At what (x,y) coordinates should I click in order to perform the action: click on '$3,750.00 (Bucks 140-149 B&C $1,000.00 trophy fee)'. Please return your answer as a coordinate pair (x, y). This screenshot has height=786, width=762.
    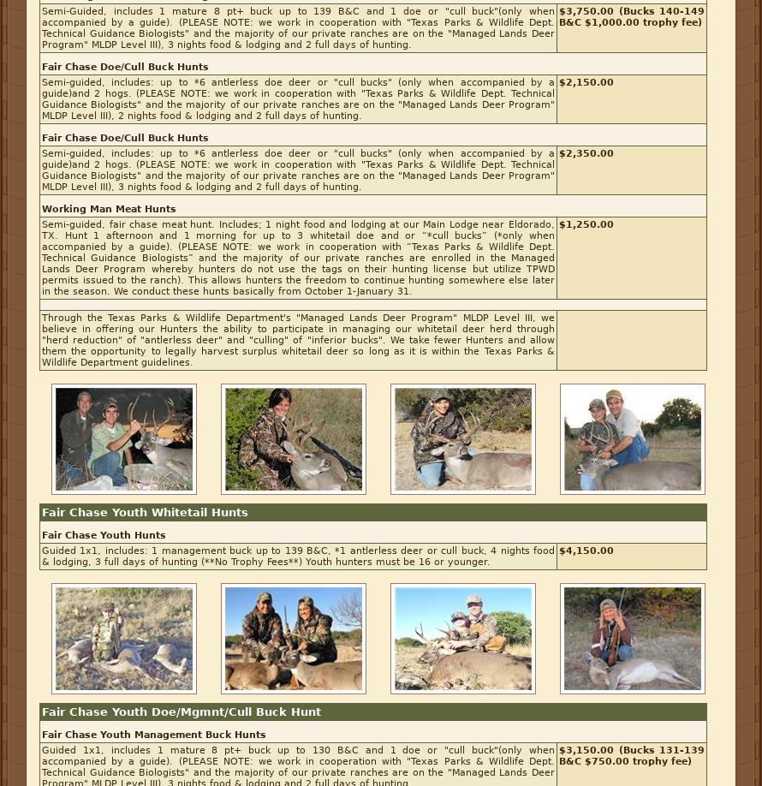
    Looking at the image, I should click on (630, 17).